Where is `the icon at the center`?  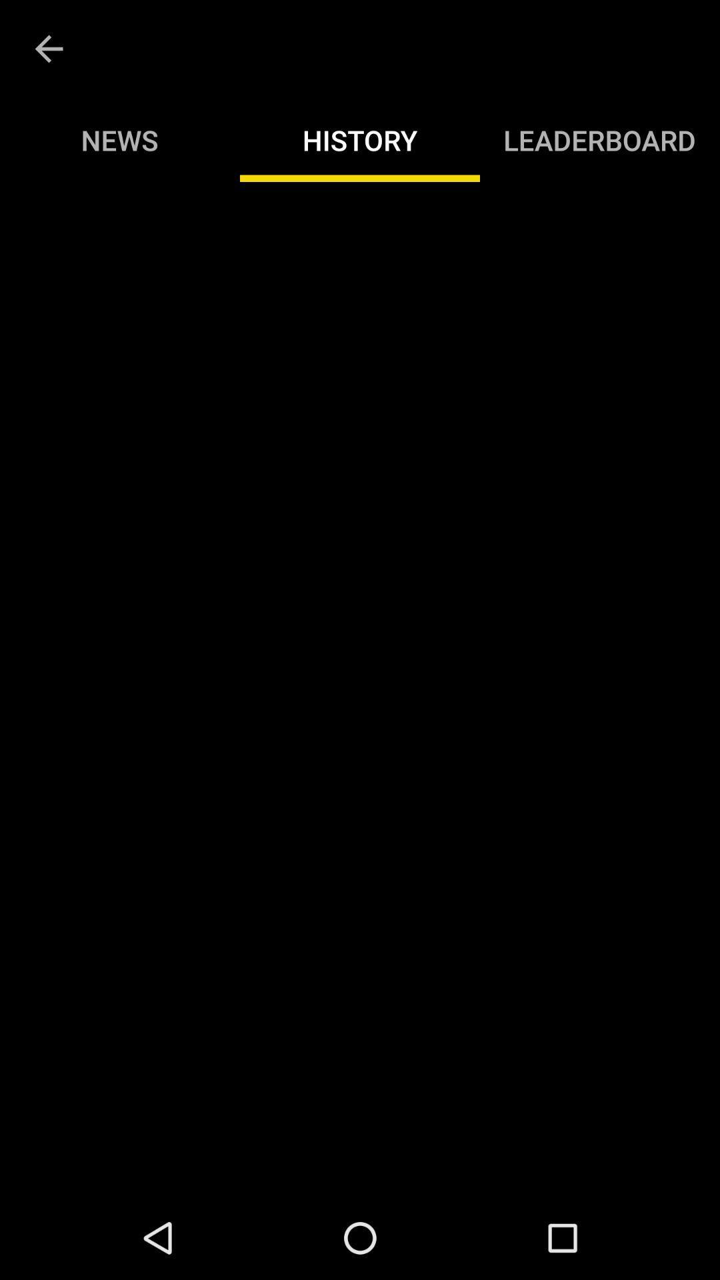
the icon at the center is located at coordinates (360, 689).